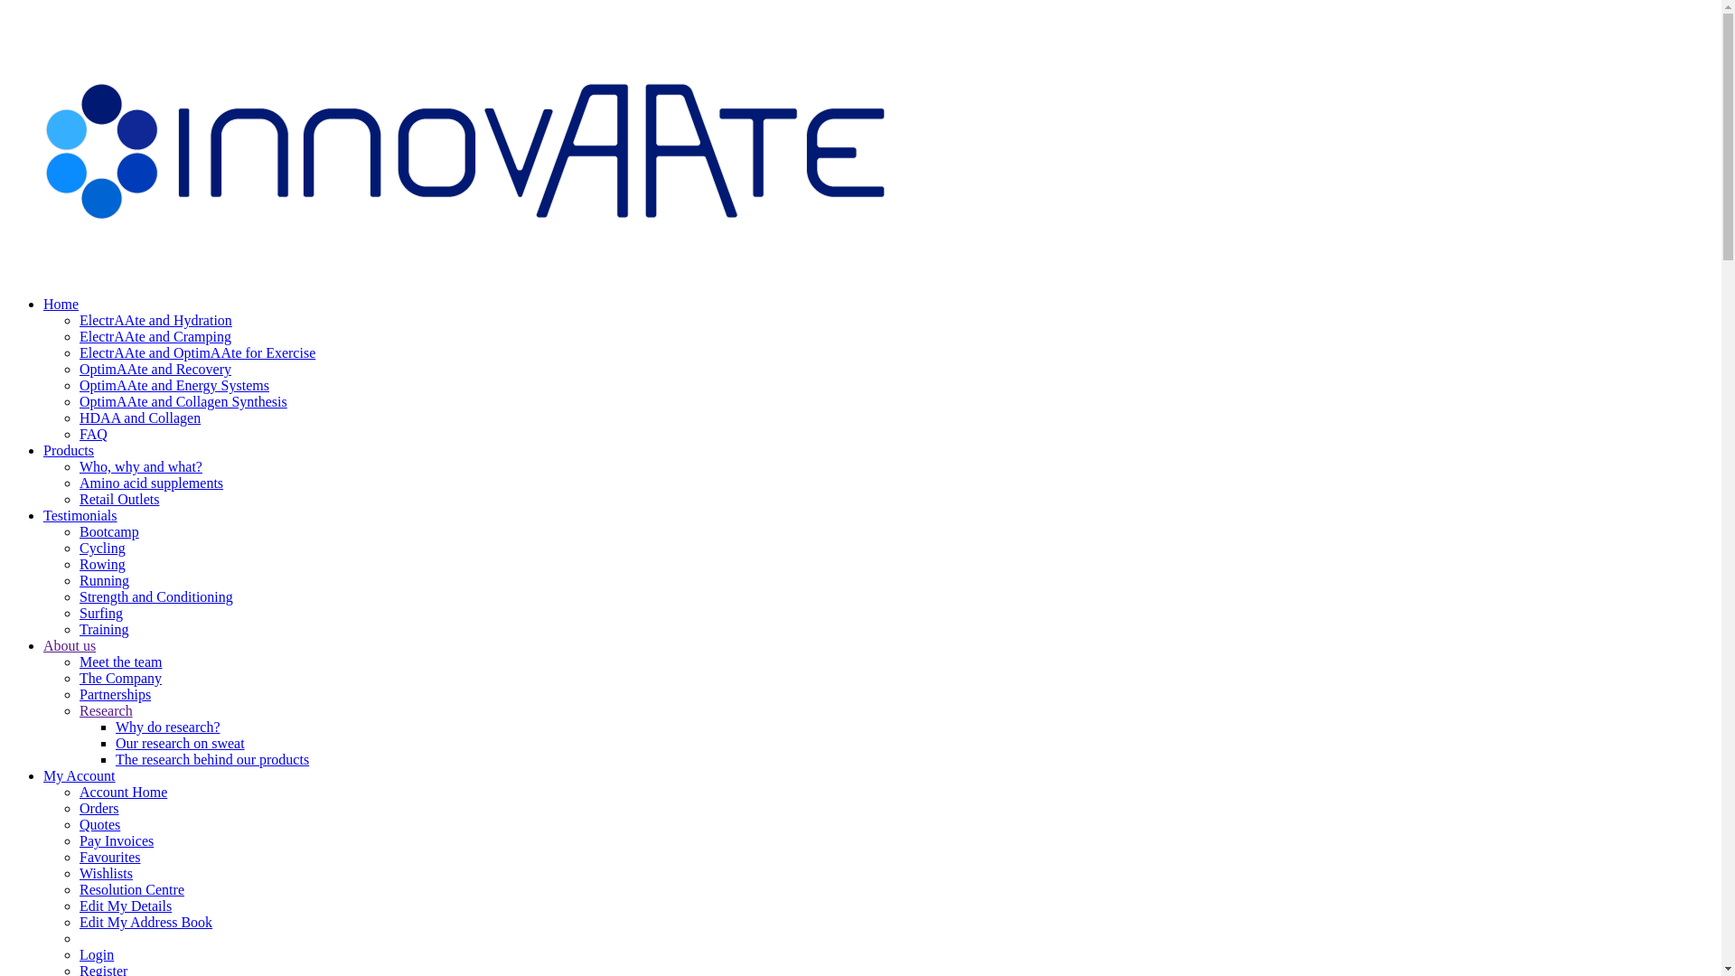  What do you see at coordinates (78, 465) in the screenshot?
I see `'Who, why and what?'` at bounding box center [78, 465].